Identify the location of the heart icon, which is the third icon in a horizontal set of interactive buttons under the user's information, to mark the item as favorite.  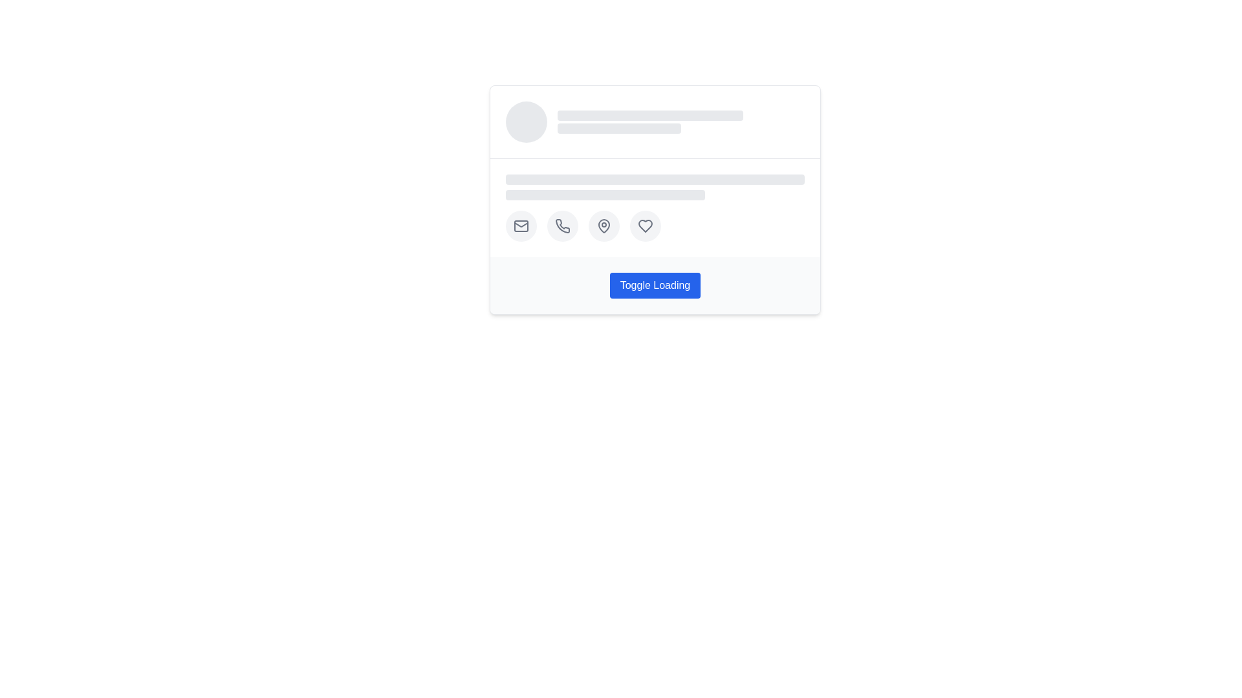
(646, 226).